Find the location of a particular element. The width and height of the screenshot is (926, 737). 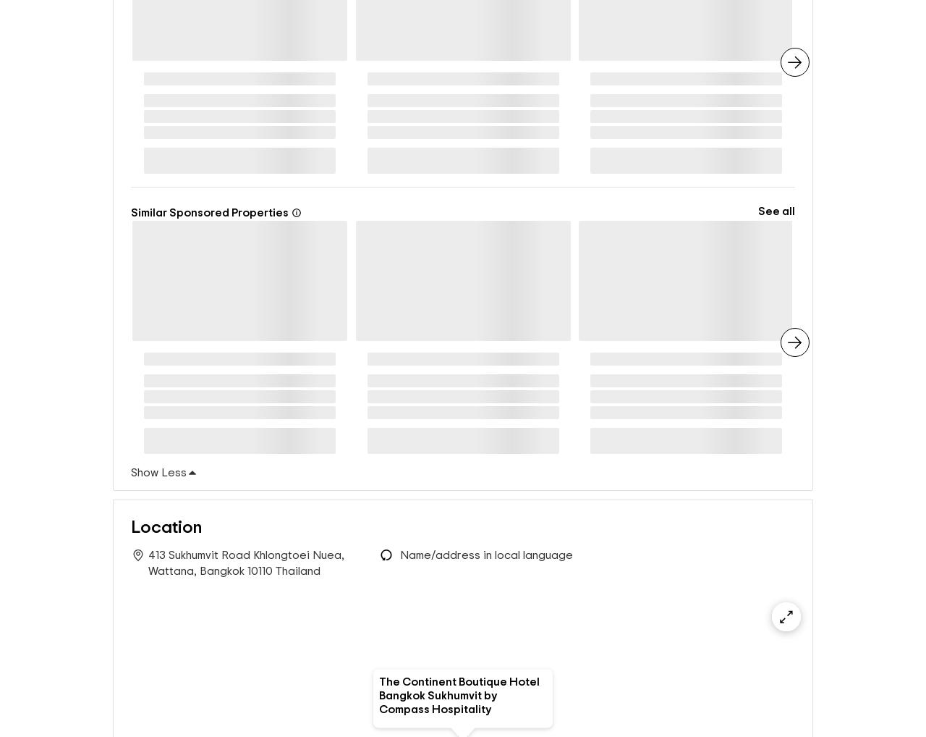

'RMB 1,357' is located at coordinates (455, 457).